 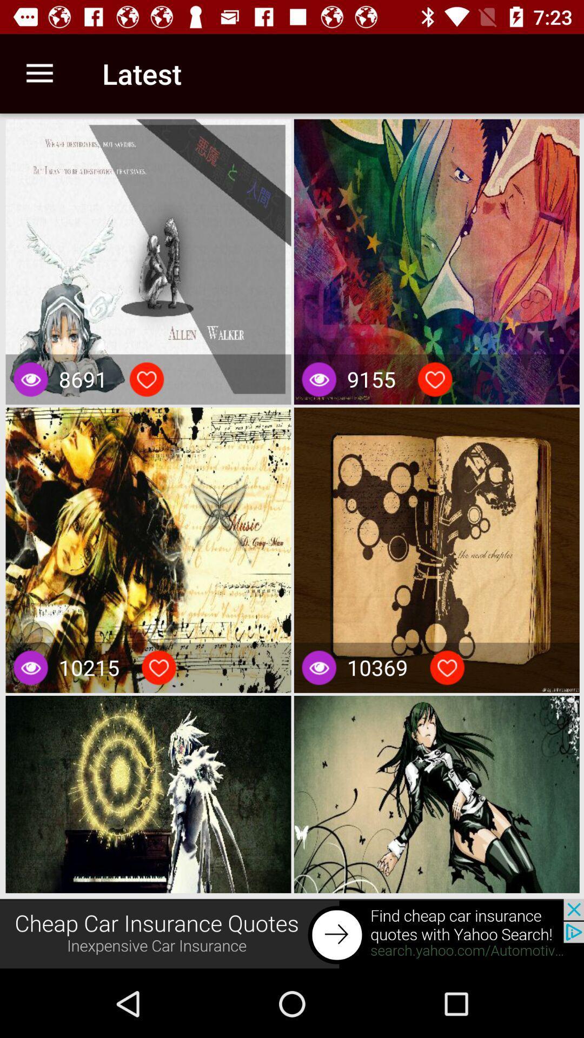 I want to click on to favorite, so click(x=158, y=667).